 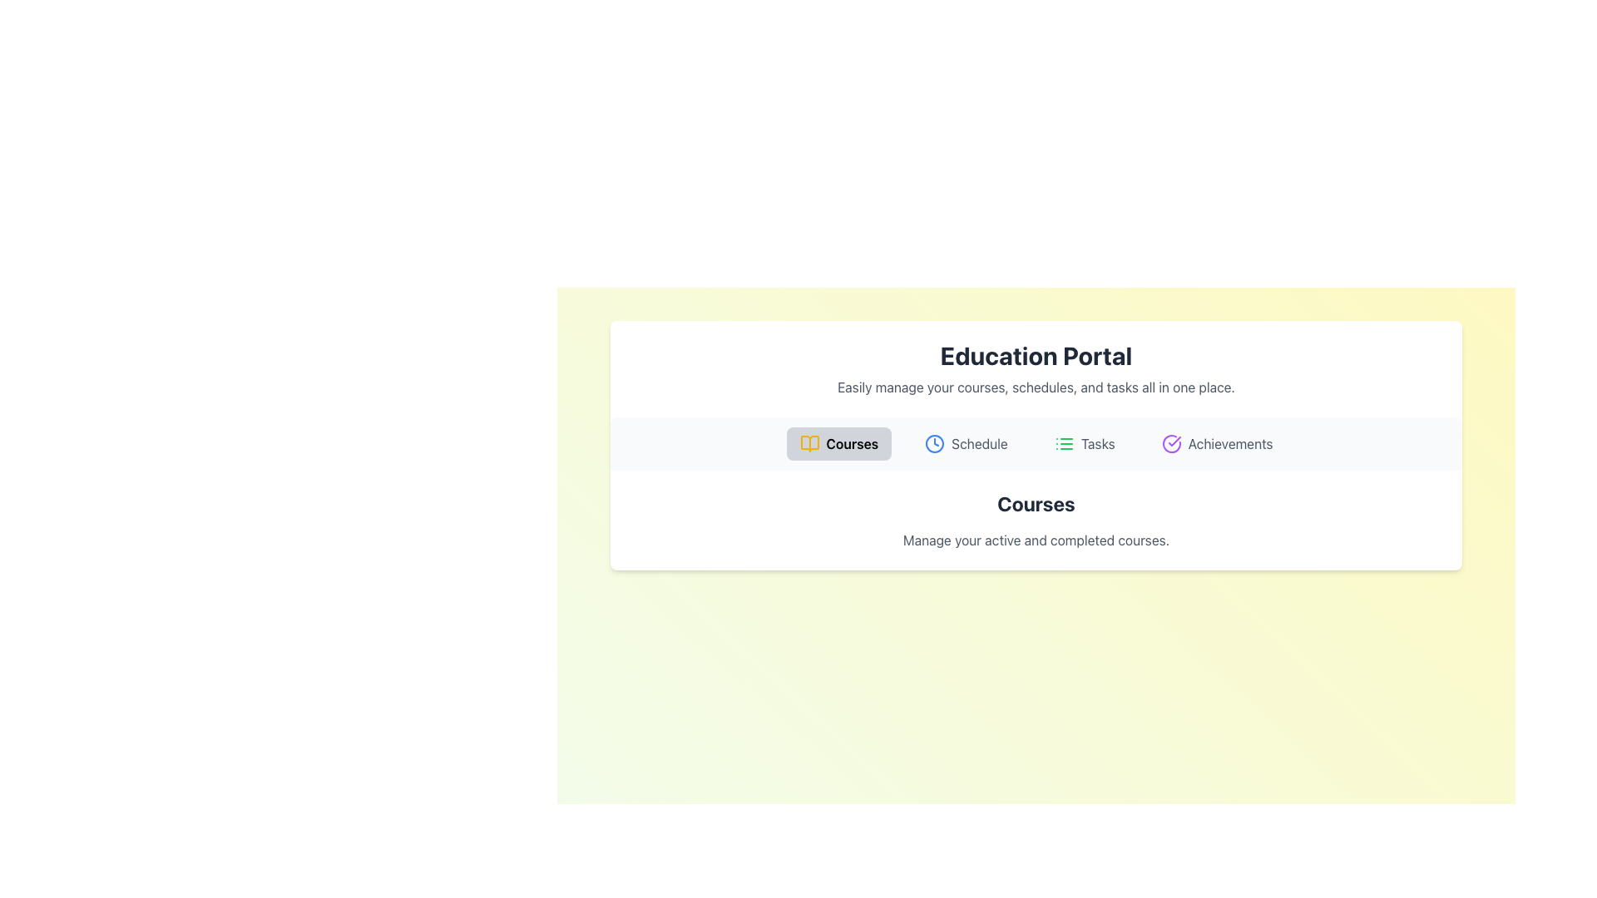 I want to click on the 'Schedule' text label in the navigation bar, so click(x=980, y=442).